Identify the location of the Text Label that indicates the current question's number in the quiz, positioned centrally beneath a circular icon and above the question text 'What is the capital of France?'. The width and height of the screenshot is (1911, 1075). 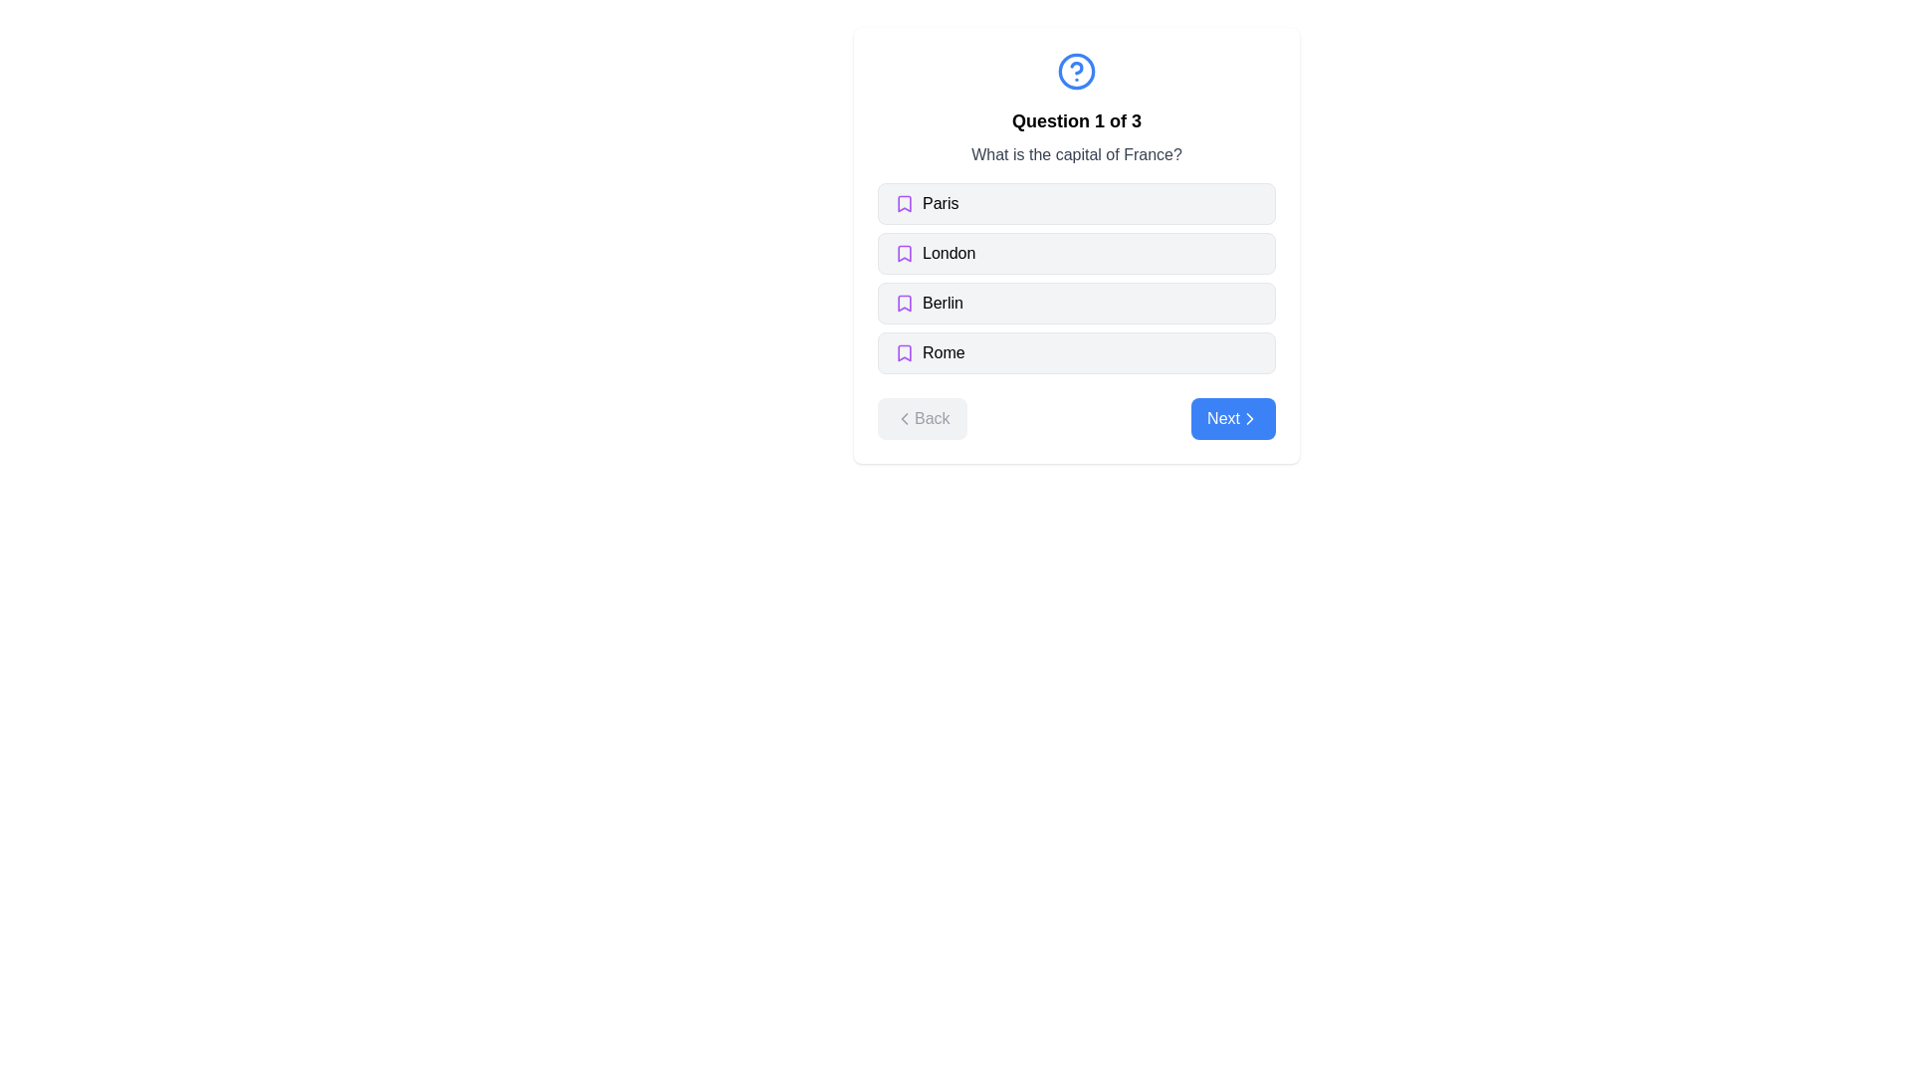
(1075, 121).